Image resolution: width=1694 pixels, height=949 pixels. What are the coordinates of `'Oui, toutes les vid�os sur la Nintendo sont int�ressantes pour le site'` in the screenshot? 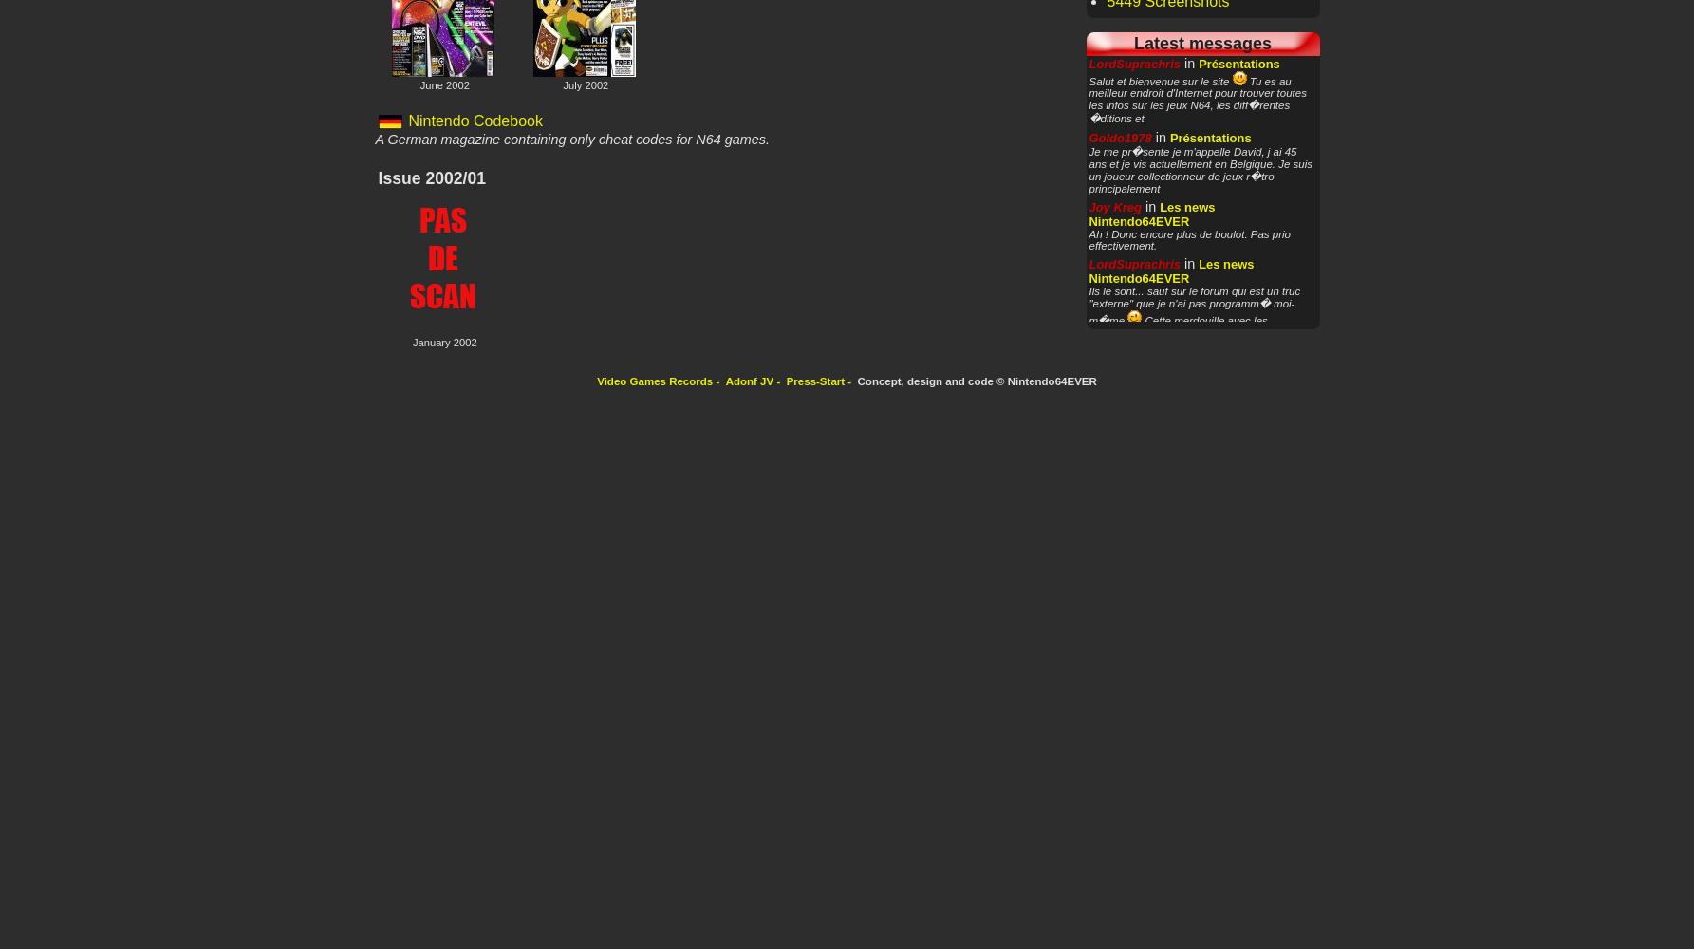 It's located at (1192, 560).